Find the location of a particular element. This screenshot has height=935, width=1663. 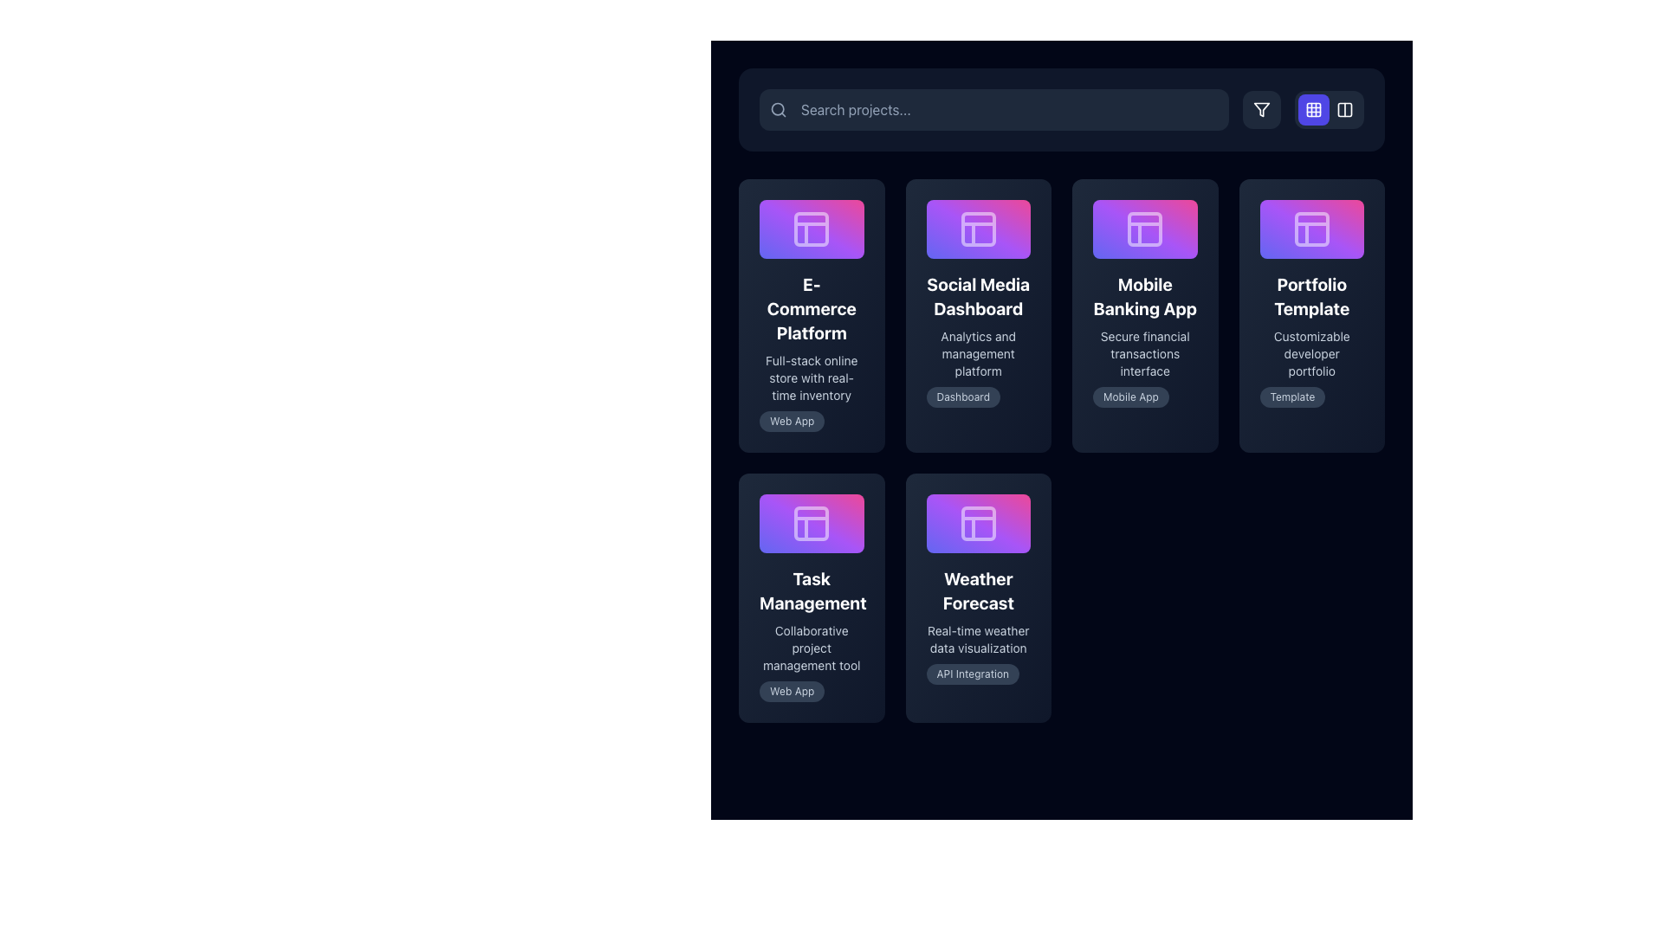

the decorative graphic or icon with a gradient background and a white interface layout icon located in the 'Mobile Banking App' card, in the second column of the top row of the grid layout is located at coordinates (1145, 228).